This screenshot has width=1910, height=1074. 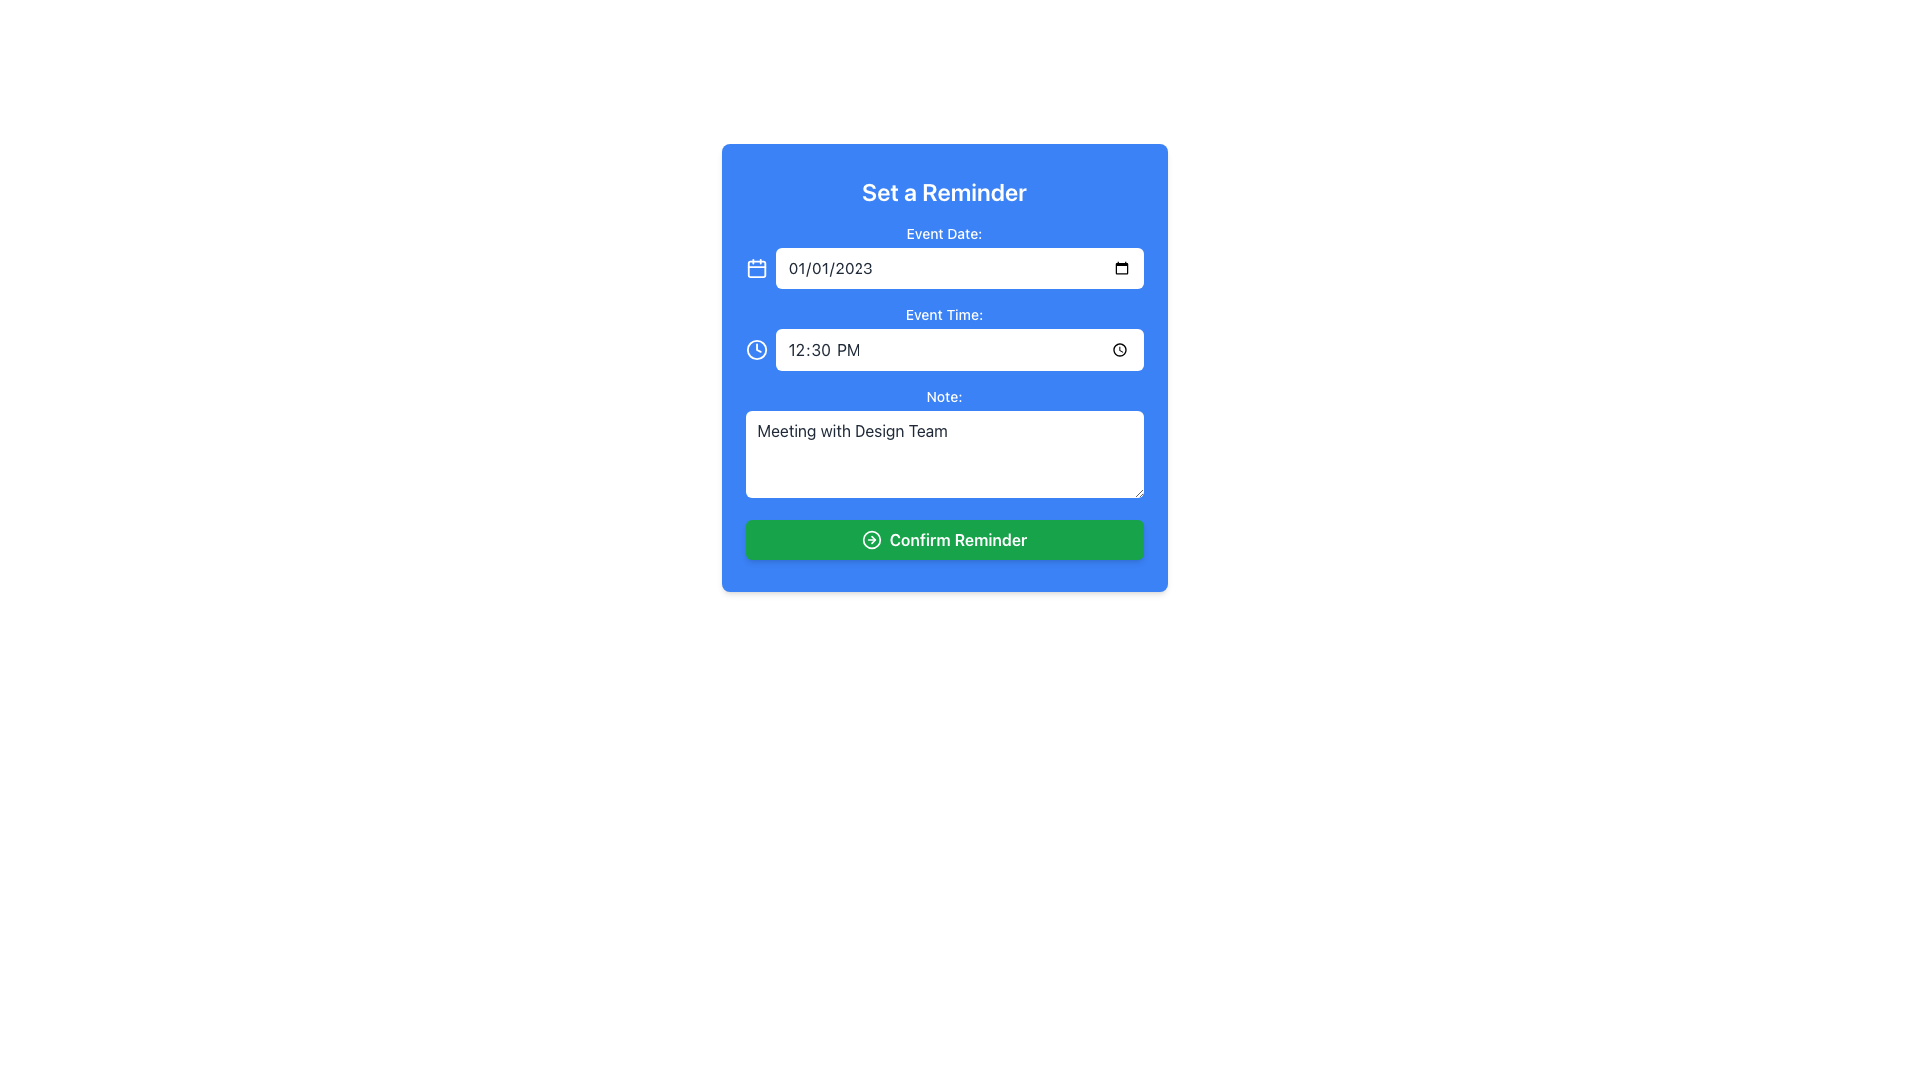 I want to click on the confirmation button located at the bottom of the blue rectangular dialog box for the 'Set a Reminder' form, which is directly below the 'Note:' text area, so click(x=943, y=540).